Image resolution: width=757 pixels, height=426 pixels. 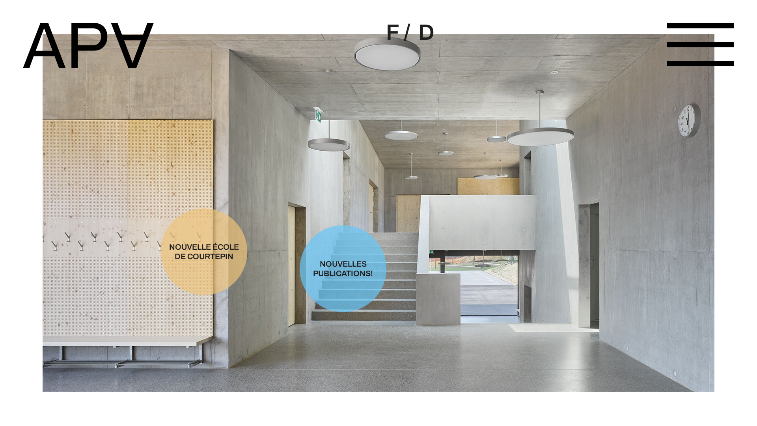 What do you see at coordinates (414, 32) in the screenshot?
I see `'D'` at bounding box center [414, 32].